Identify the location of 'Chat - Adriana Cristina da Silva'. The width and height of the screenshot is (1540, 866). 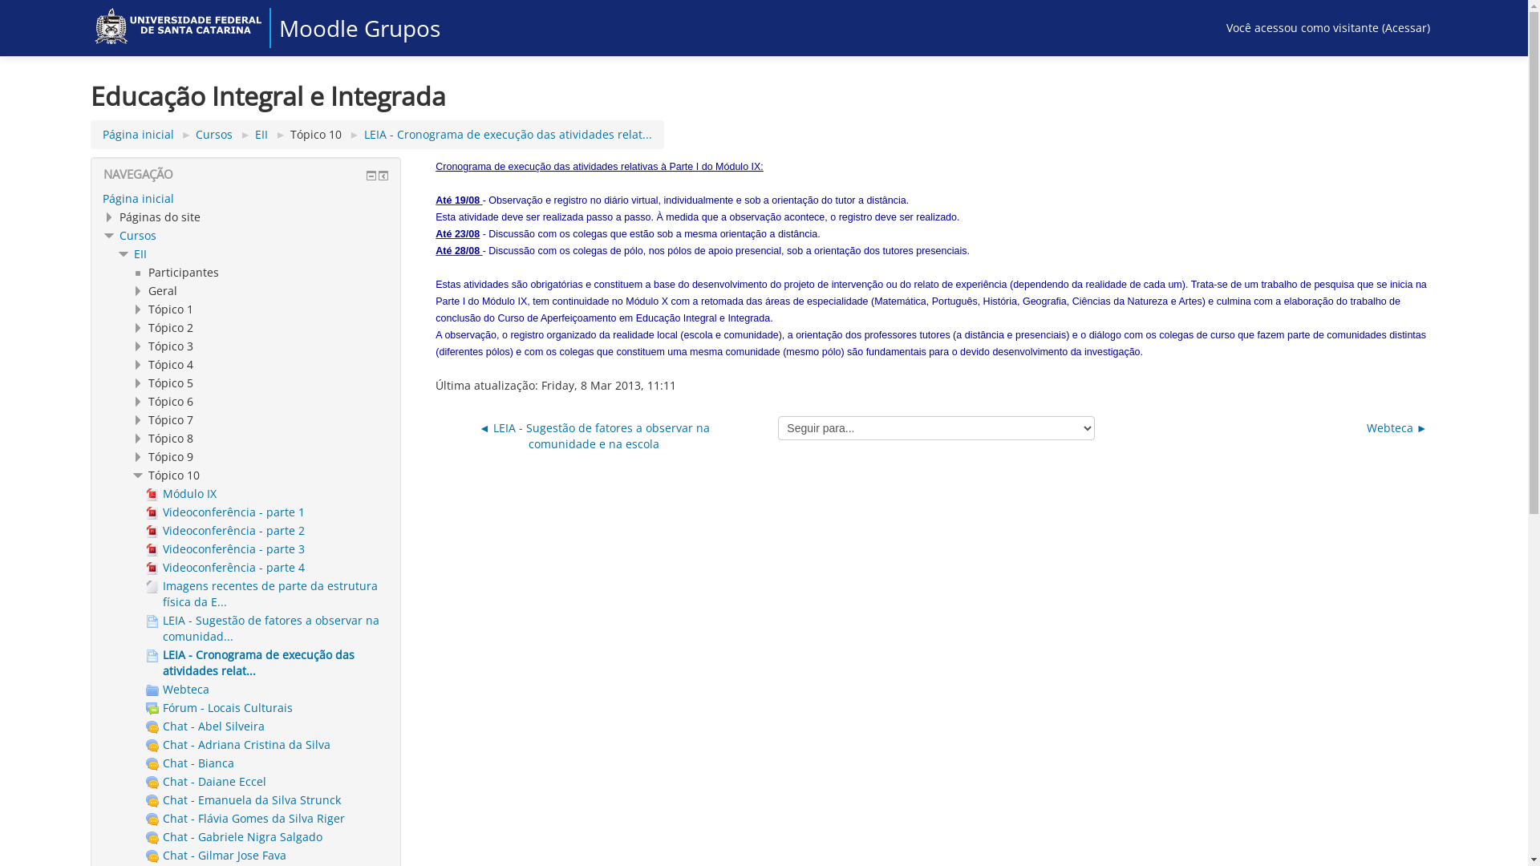
(146, 744).